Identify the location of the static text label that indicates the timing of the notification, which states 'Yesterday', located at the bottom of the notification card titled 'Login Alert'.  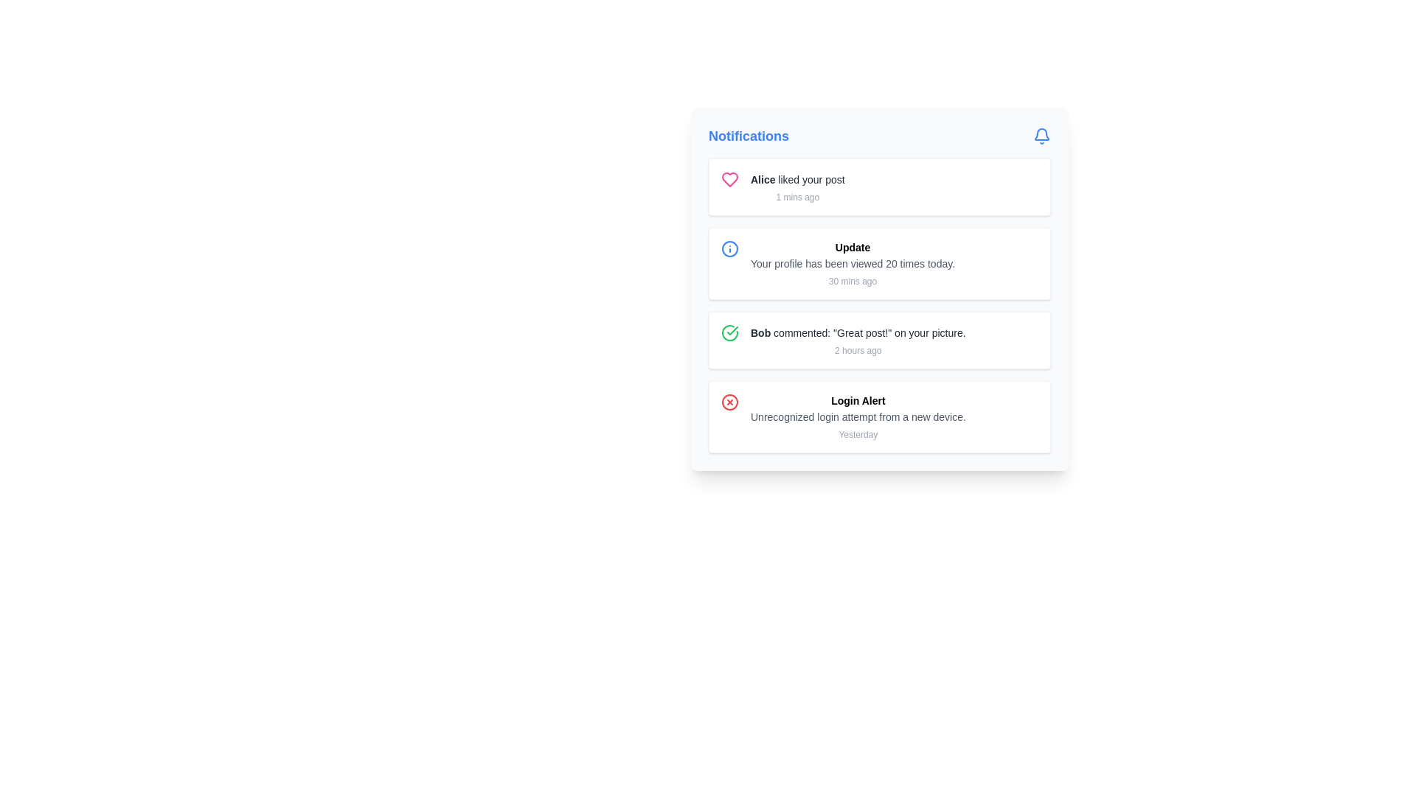
(858, 434).